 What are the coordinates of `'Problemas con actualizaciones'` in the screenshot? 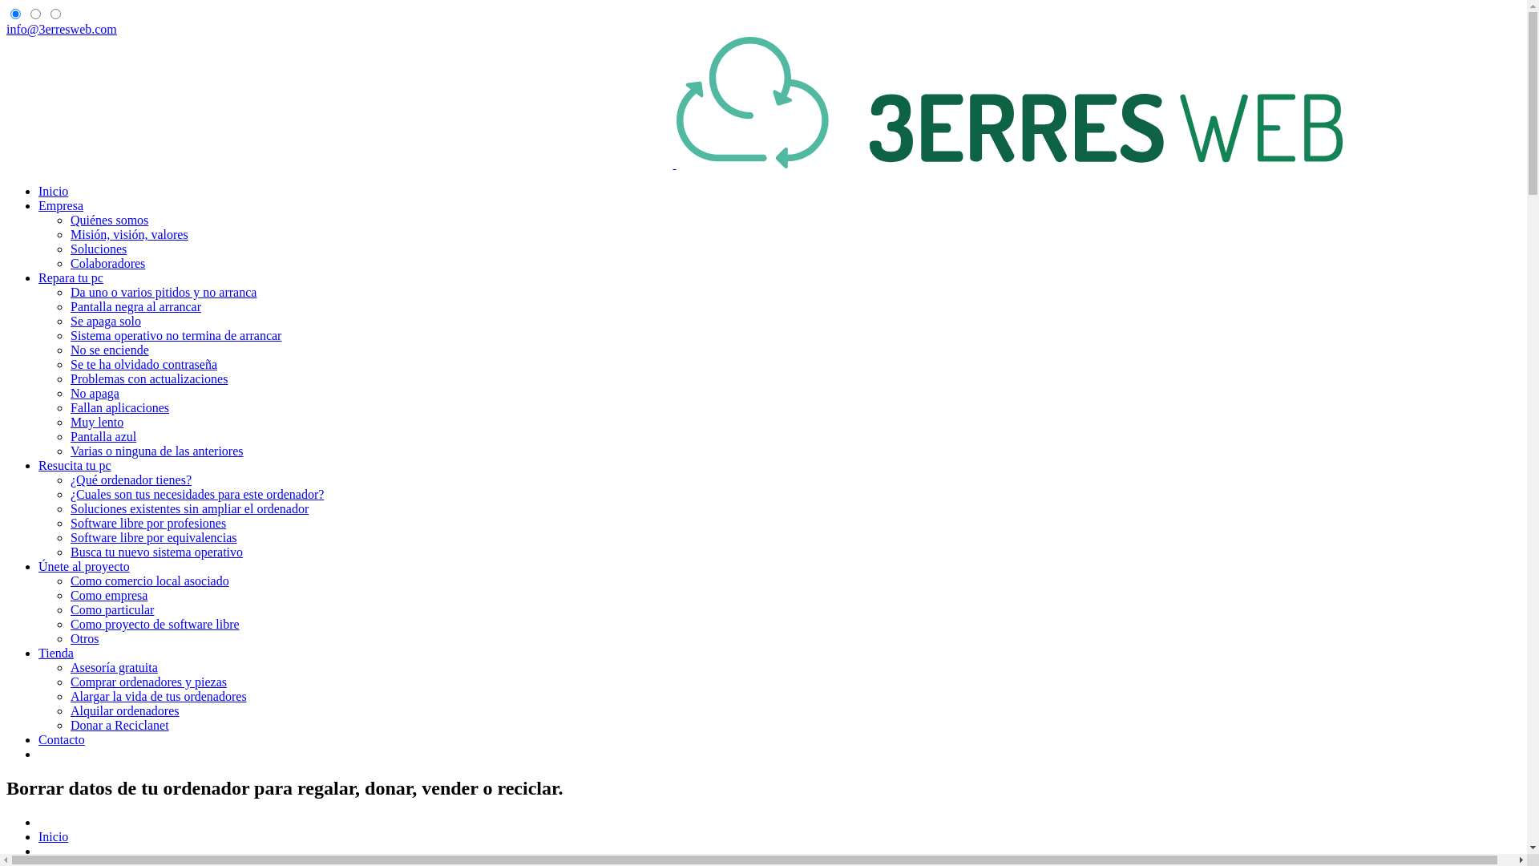 It's located at (69, 378).